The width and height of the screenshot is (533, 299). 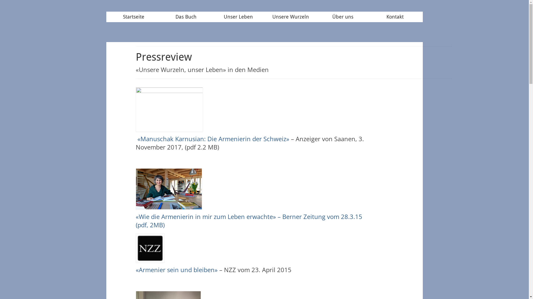 I want to click on 'Unser Leben', so click(x=238, y=17).